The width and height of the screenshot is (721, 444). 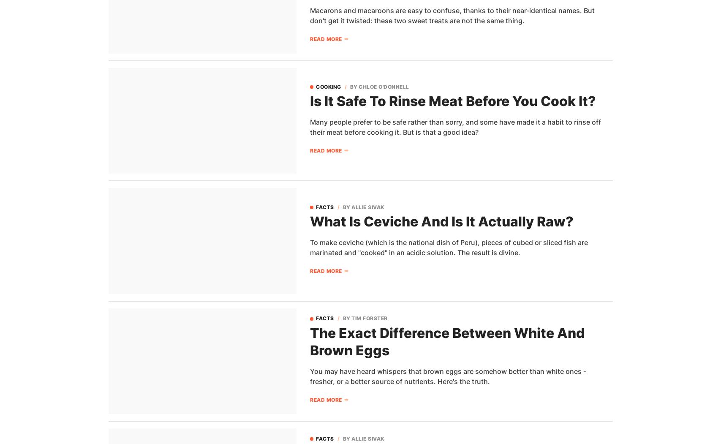 I want to click on 'Cooking', so click(x=328, y=86).